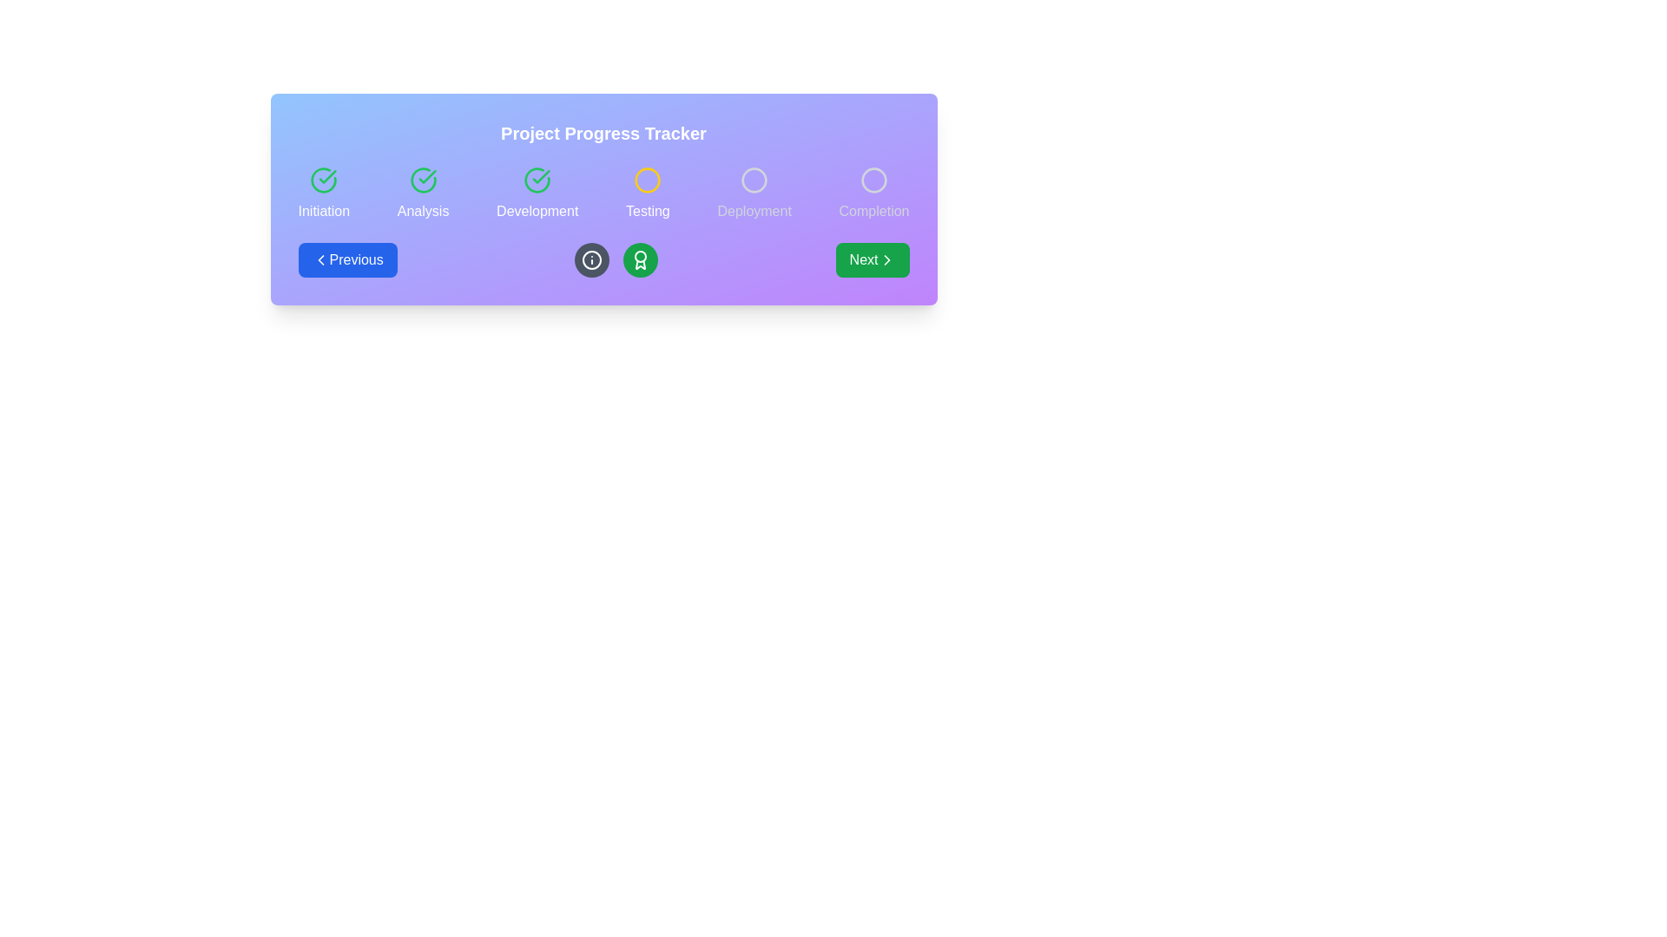 This screenshot has height=937, width=1667. What do you see at coordinates (423, 180) in the screenshot?
I see `the state of the circular green icon with a check mark inside, which indicates the completion of the 'Analysis' step in the progress tracker` at bounding box center [423, 180].